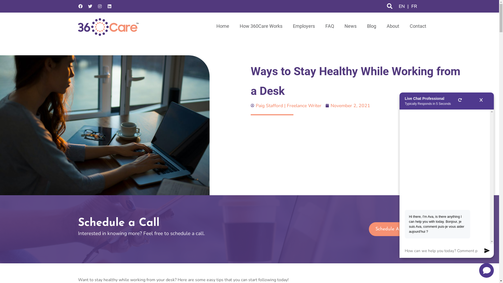 The height and width of the screenshot is (283, 503). What do you see at coordinates (392, 229) in the screenshot?
I see `'Schedule A Call'` at bounding box center [392, 229].